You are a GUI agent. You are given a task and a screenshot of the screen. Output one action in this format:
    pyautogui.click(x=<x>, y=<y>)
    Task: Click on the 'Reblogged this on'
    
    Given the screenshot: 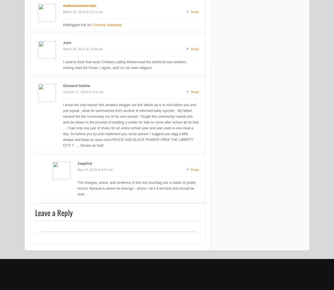 What is the action you would take?
    pyautogui.click(x=77, y=25)
    